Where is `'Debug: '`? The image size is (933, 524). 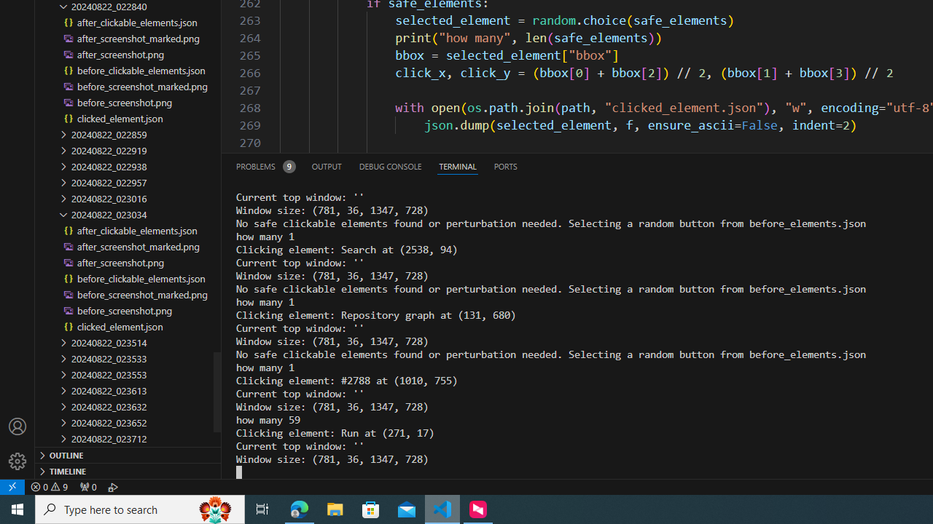
'Debug: ' is located at coordinates (112, 486).